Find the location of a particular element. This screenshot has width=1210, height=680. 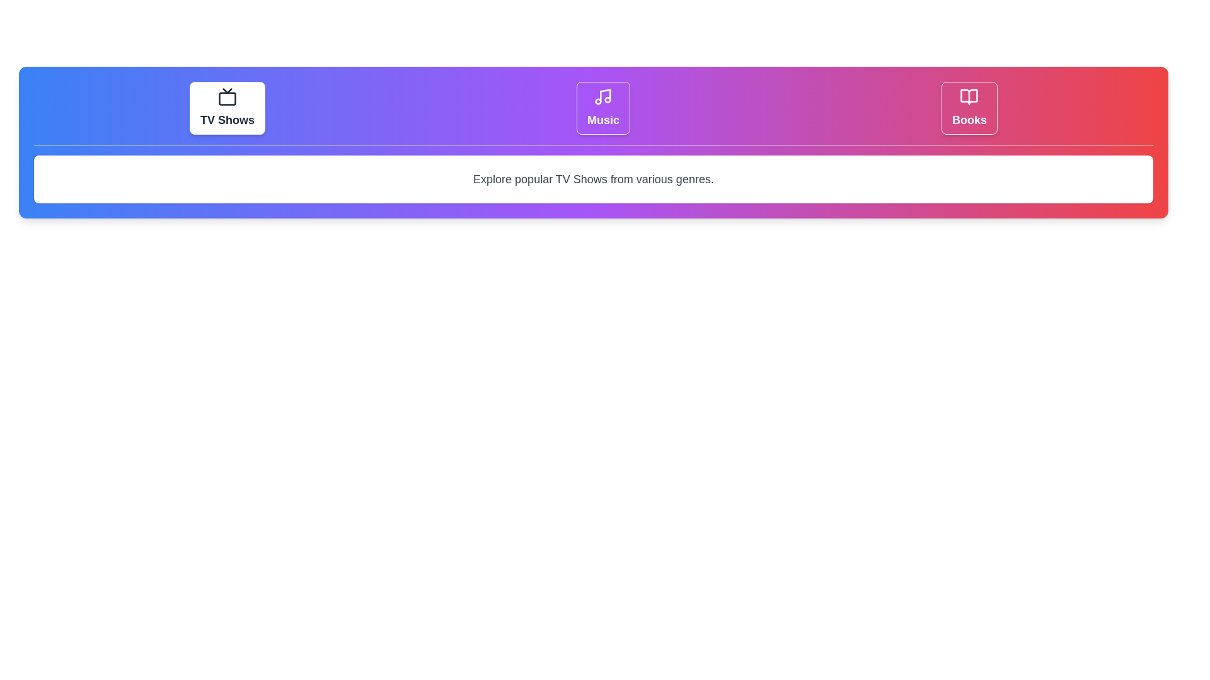

the tab labeled TV Shows is located at coordinates (227, 108).